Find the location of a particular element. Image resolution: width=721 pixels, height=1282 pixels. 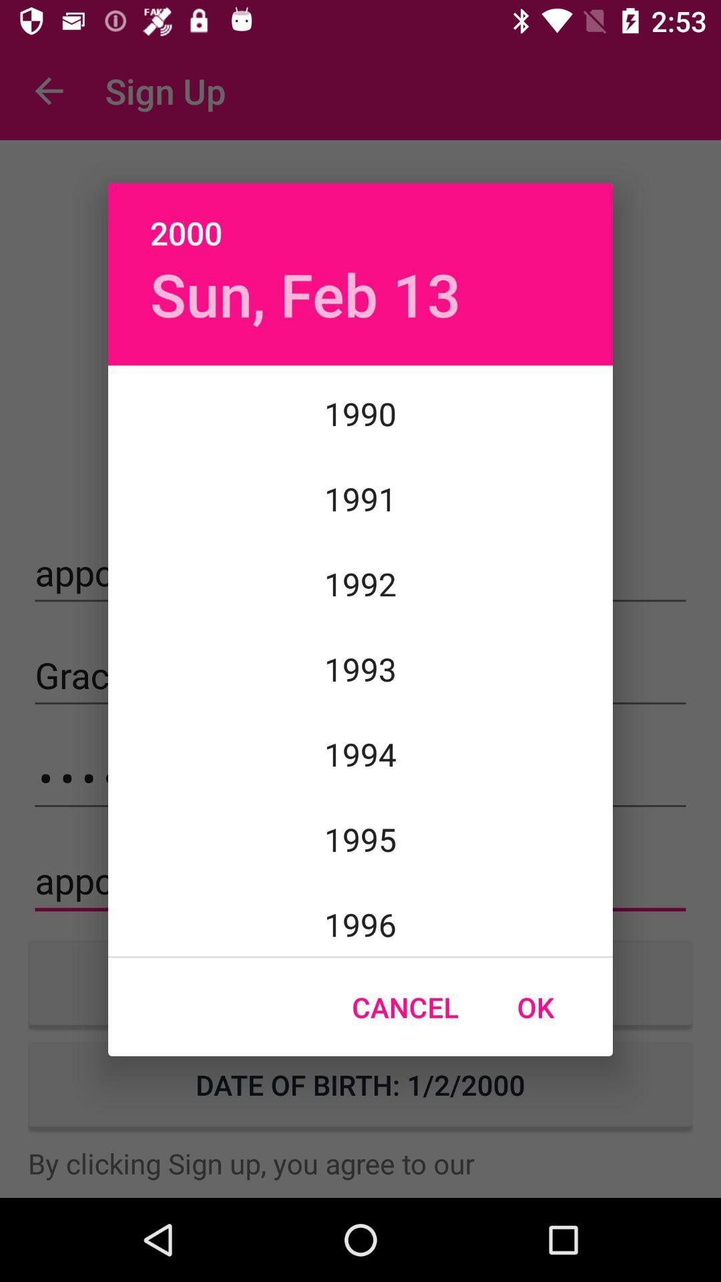

the ok item is located at coordinates (535, 1007).